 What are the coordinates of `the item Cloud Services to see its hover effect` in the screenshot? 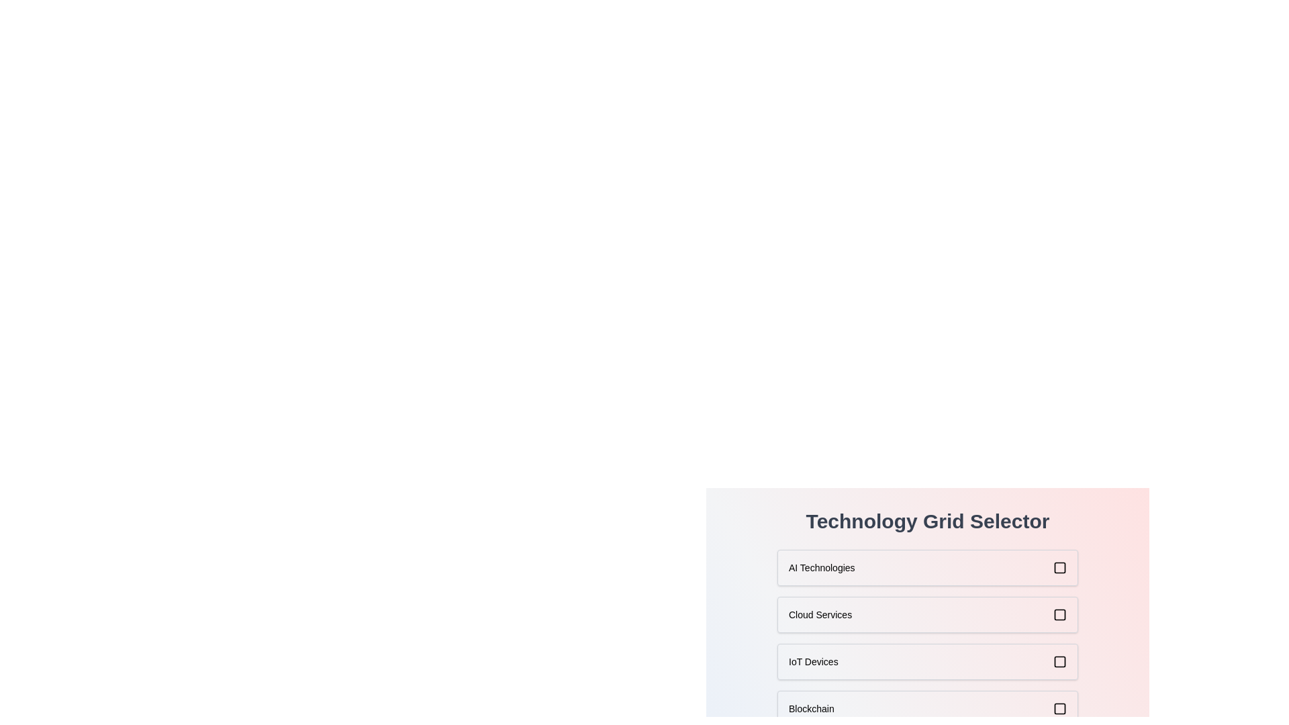 It's located at (927, 614).